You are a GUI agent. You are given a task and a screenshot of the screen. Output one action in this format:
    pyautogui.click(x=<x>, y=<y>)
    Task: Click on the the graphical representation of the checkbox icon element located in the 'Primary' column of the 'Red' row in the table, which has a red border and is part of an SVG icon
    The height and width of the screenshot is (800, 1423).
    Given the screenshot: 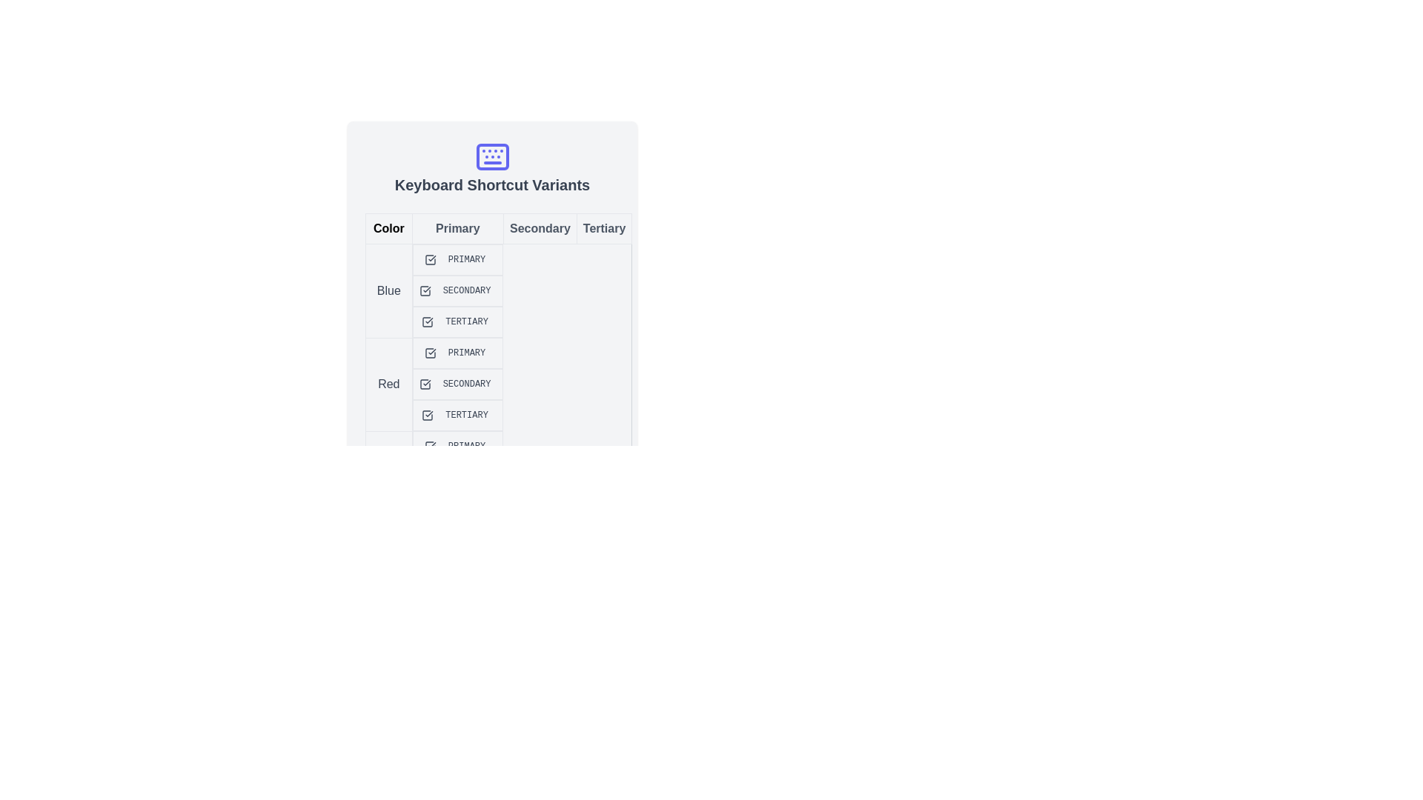 What is the action you would take?
    pyautogui.click(x=429, y=353)
    